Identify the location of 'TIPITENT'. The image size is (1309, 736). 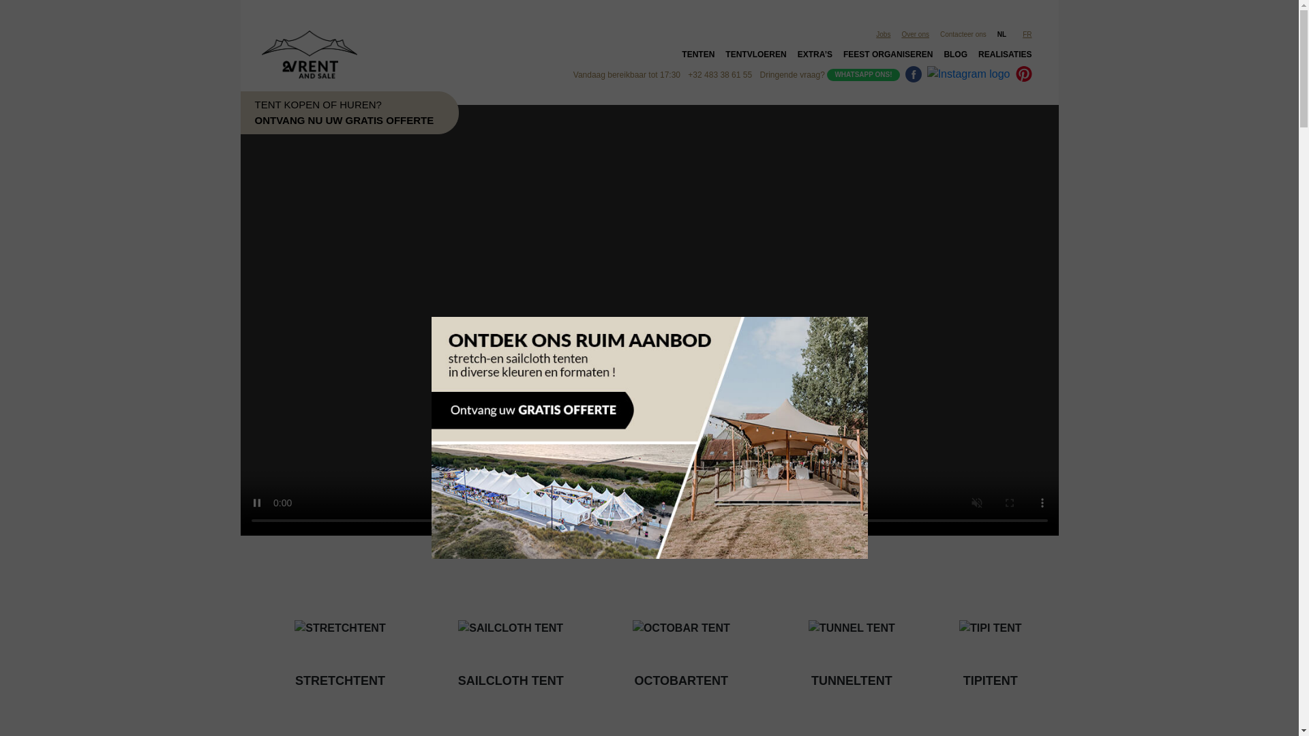
(991, 640).